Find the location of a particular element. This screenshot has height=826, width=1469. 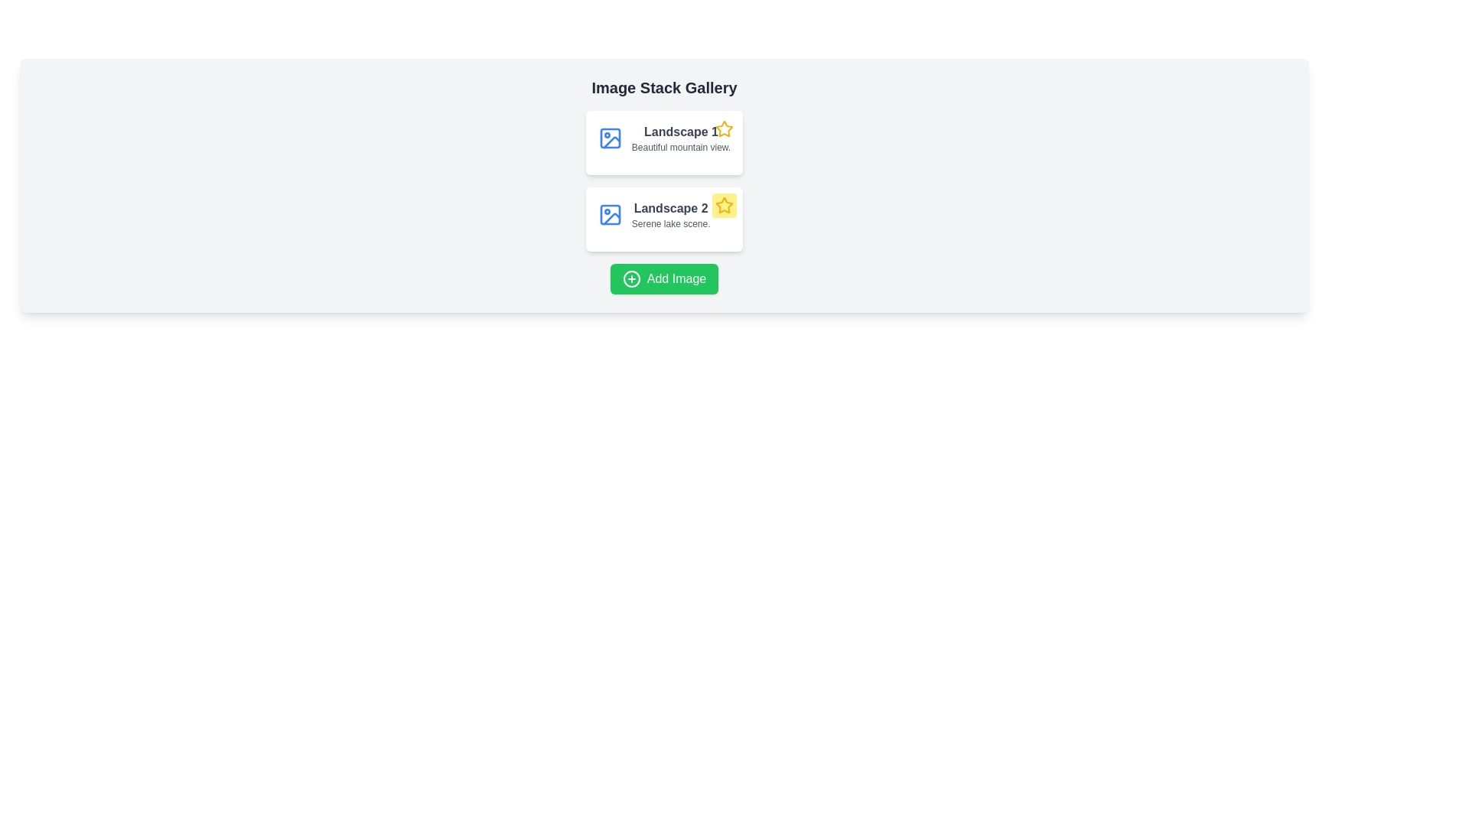

the Text label that serves as a title for 'Landscape 2', positioned under the 'Landscape' label and above 'Serene lake scene' is located at coordinates (671, 209).